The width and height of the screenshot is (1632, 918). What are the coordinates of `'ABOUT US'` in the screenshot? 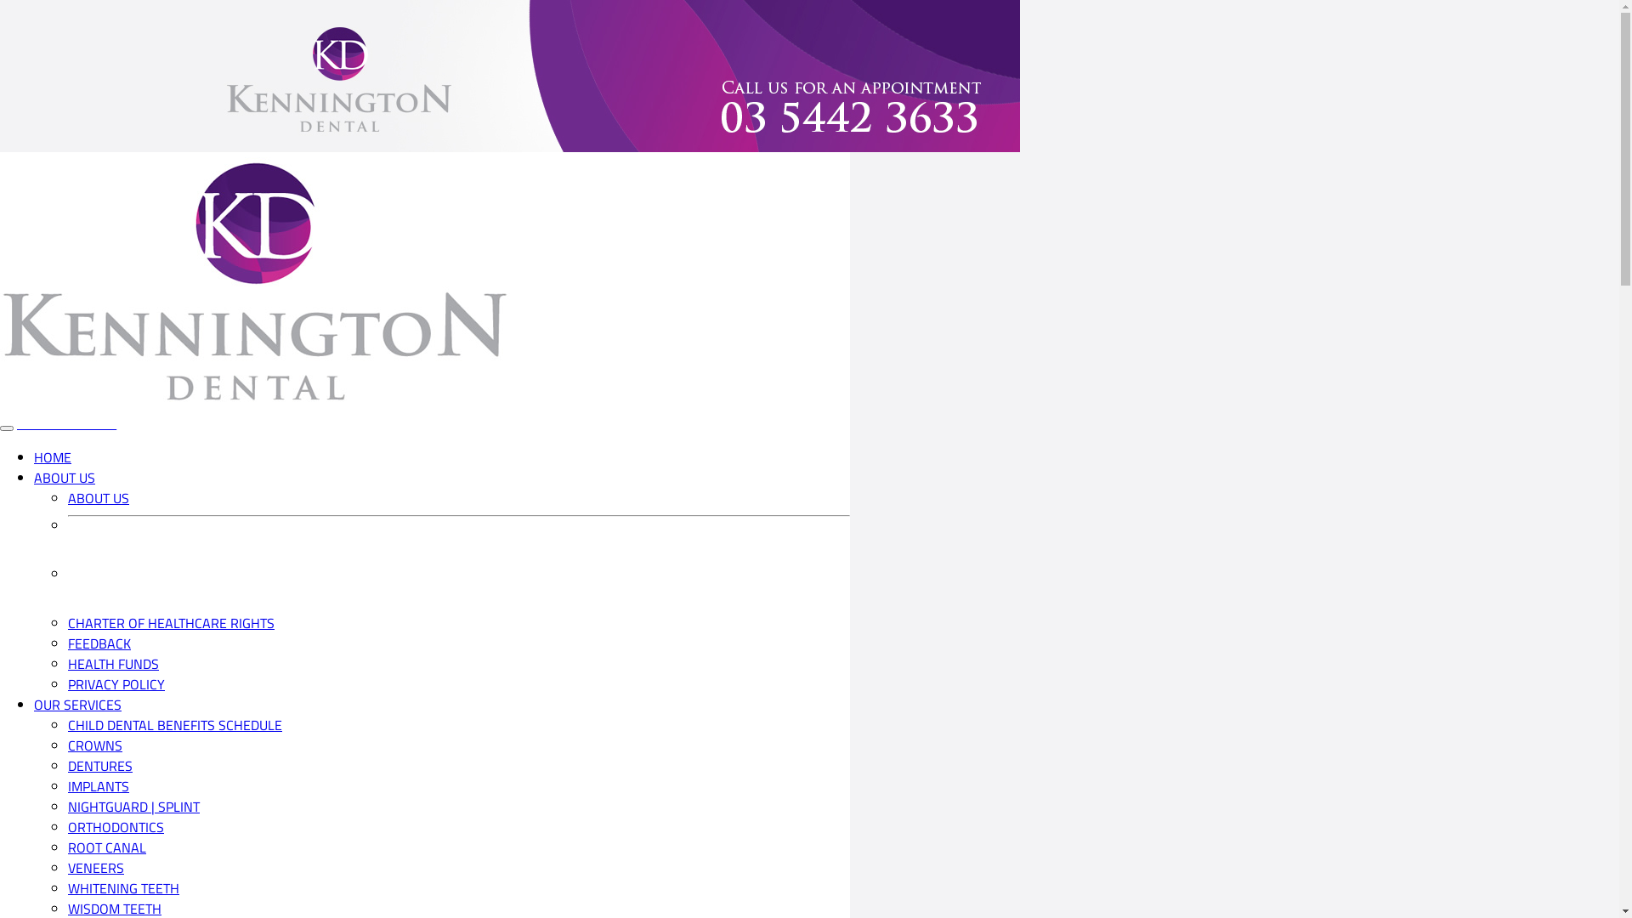 It's located at (65, 478).